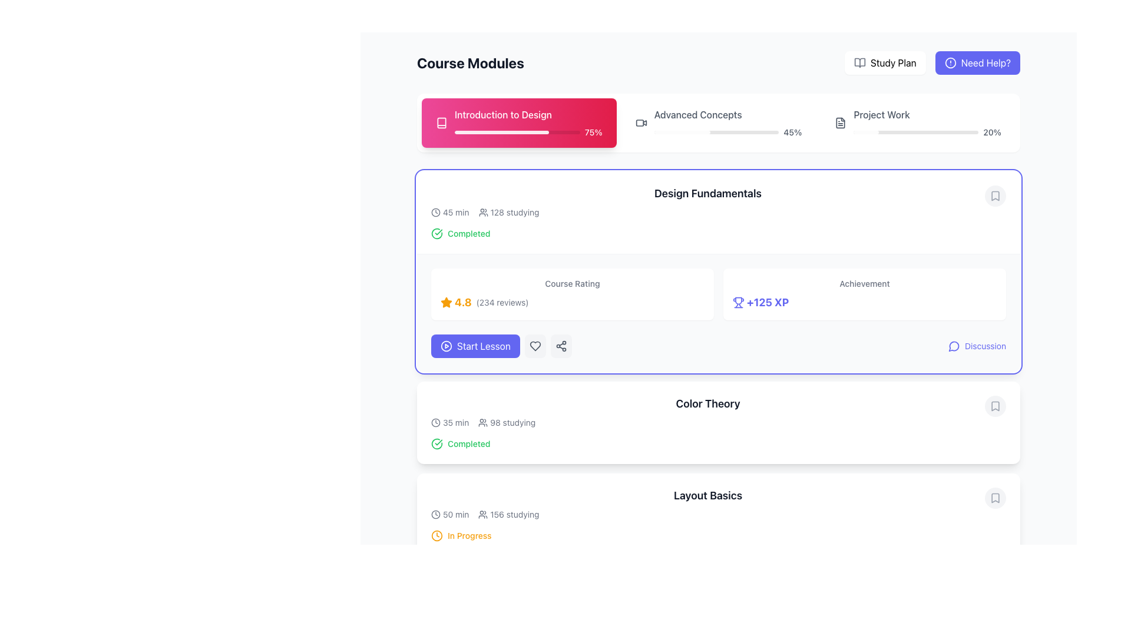 Image resolution: width=1131 pixels, height=636 pixels. What do you see at coordinates (534, 345) in the screenshot?
I see `the heart icon in the 'Design Fundamentals' section` at bounding box center [534, 345].